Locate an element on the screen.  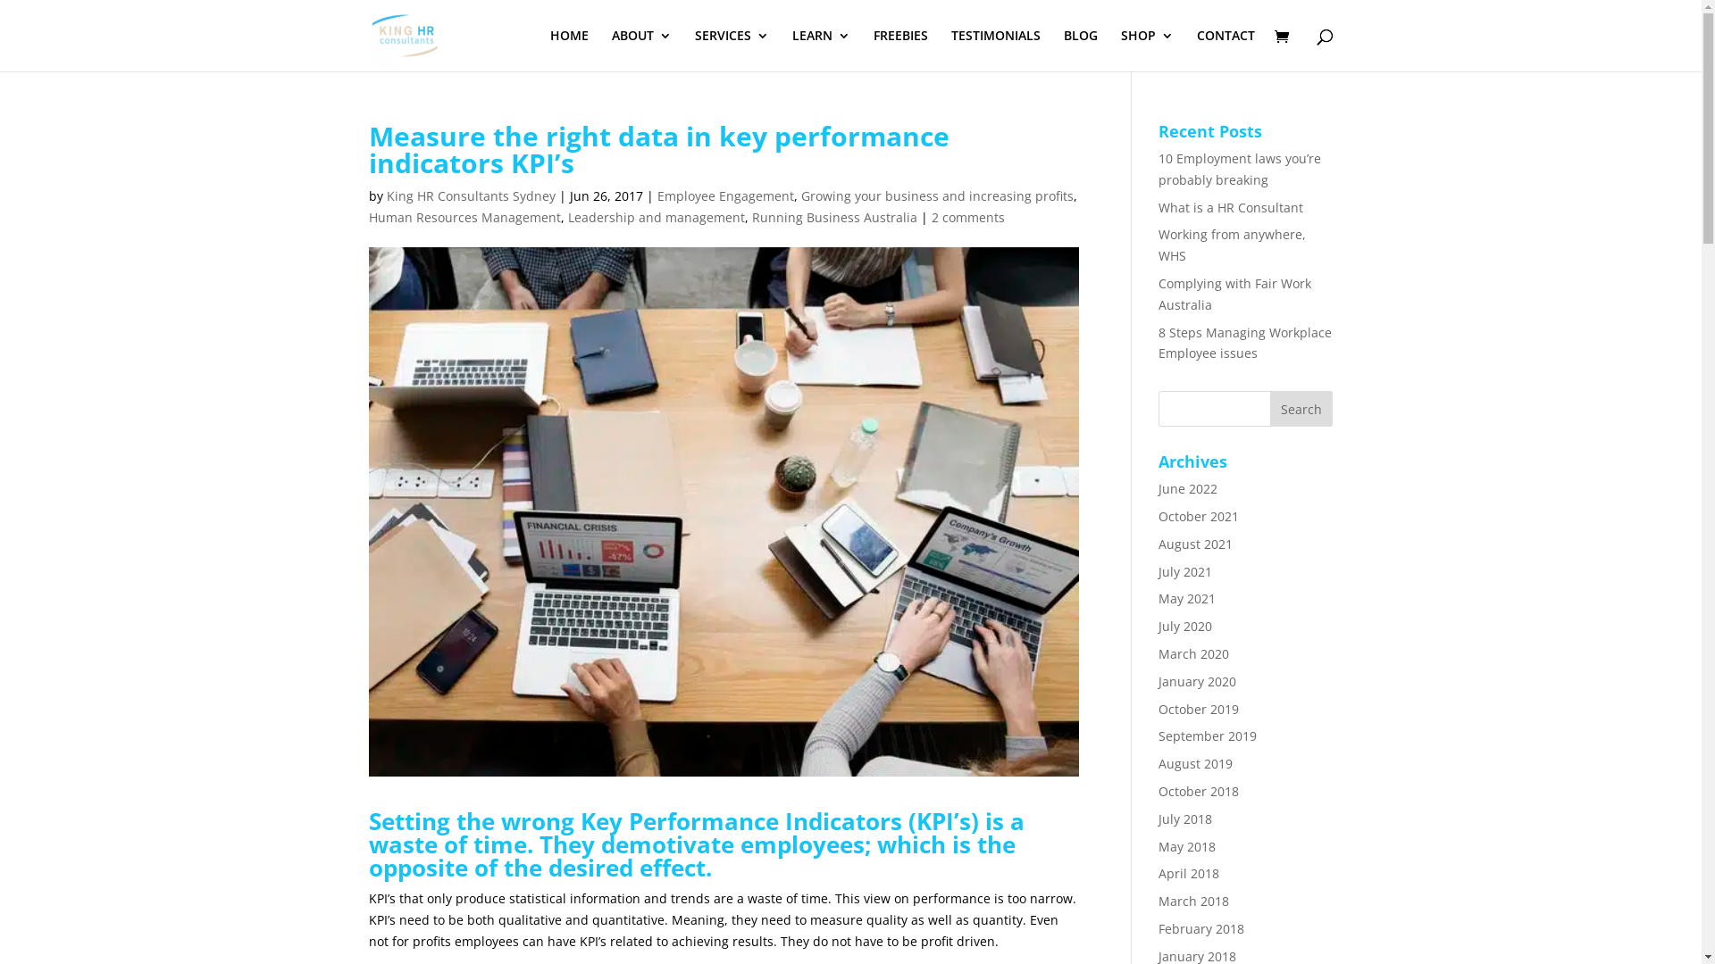
'March 2018' is located at coordinates (1193, 901).